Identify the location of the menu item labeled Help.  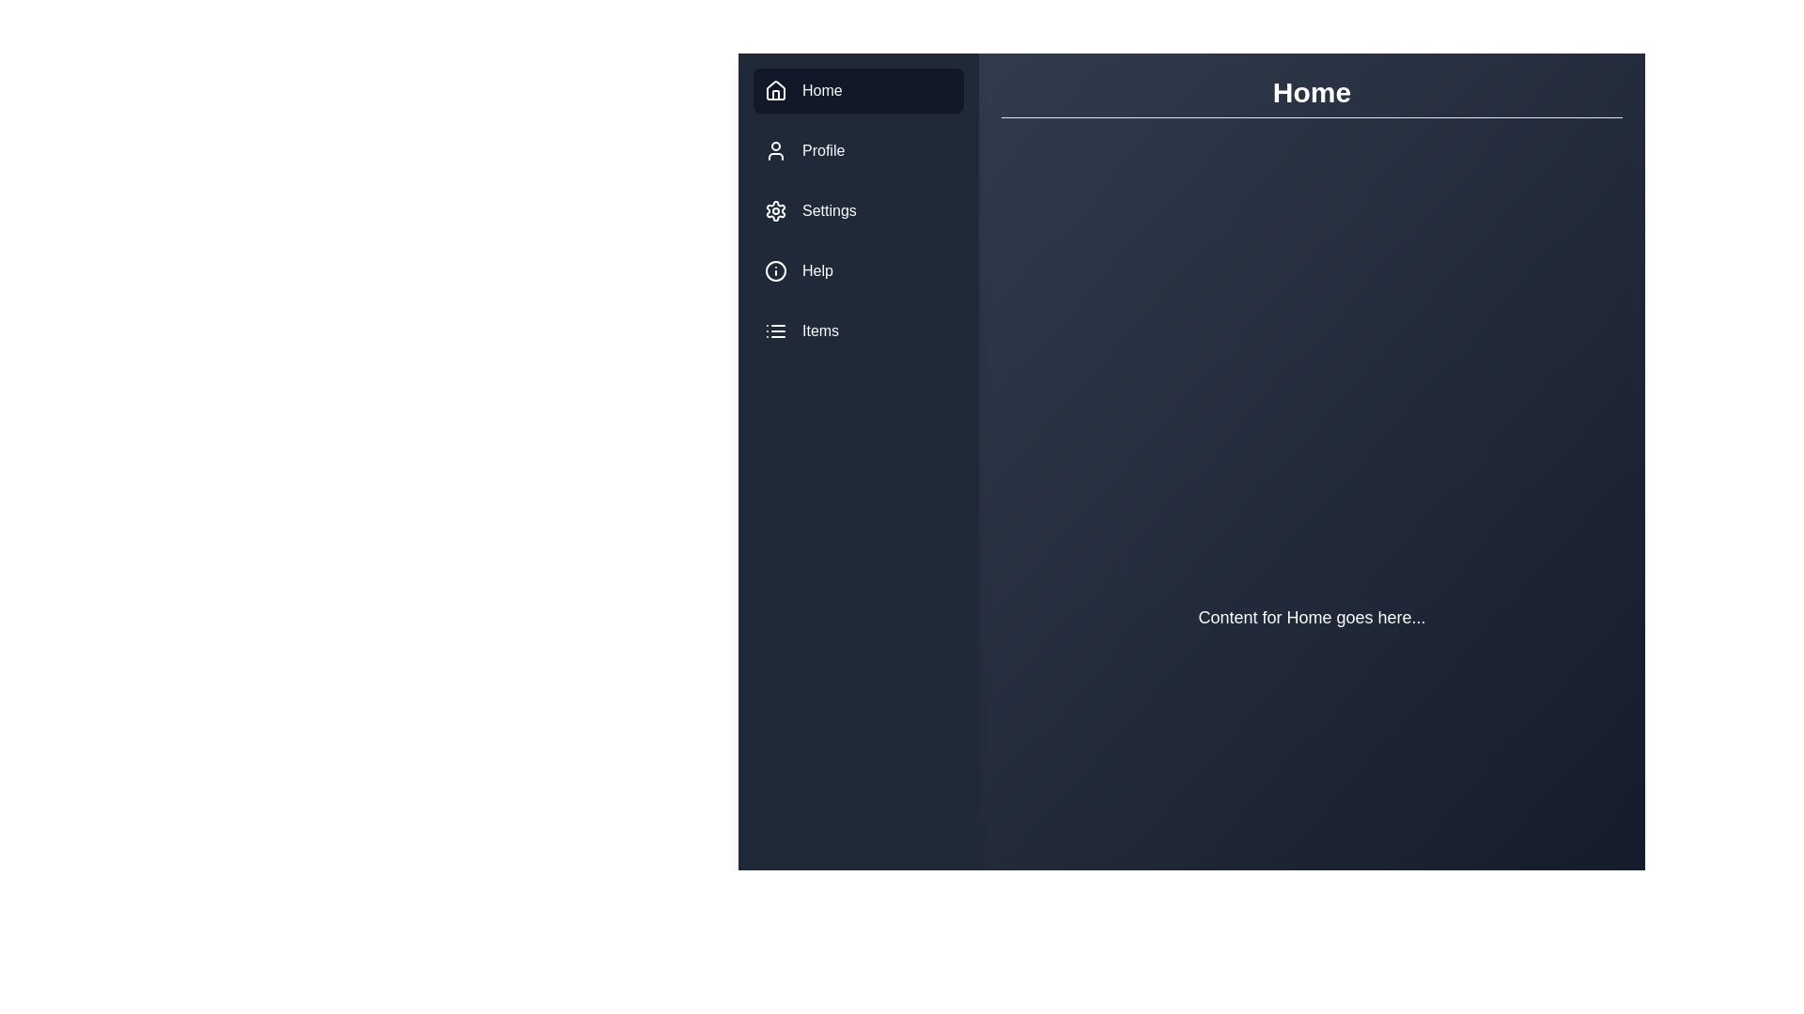
(857, 271).